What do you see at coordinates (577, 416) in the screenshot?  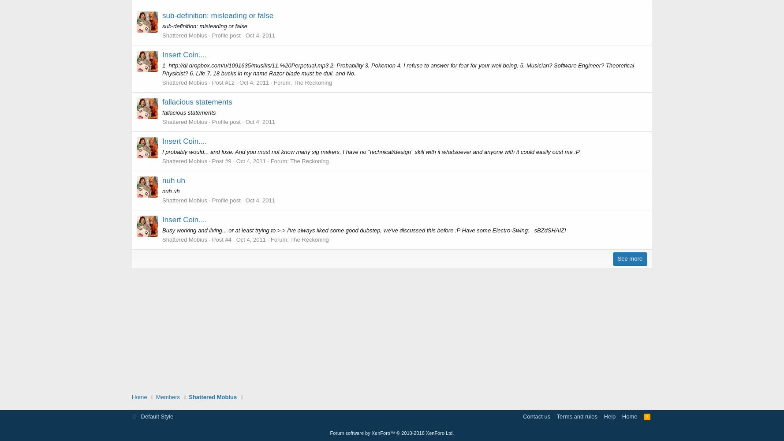 I see `'Terms and rules'` at bounding box center [577, 416].